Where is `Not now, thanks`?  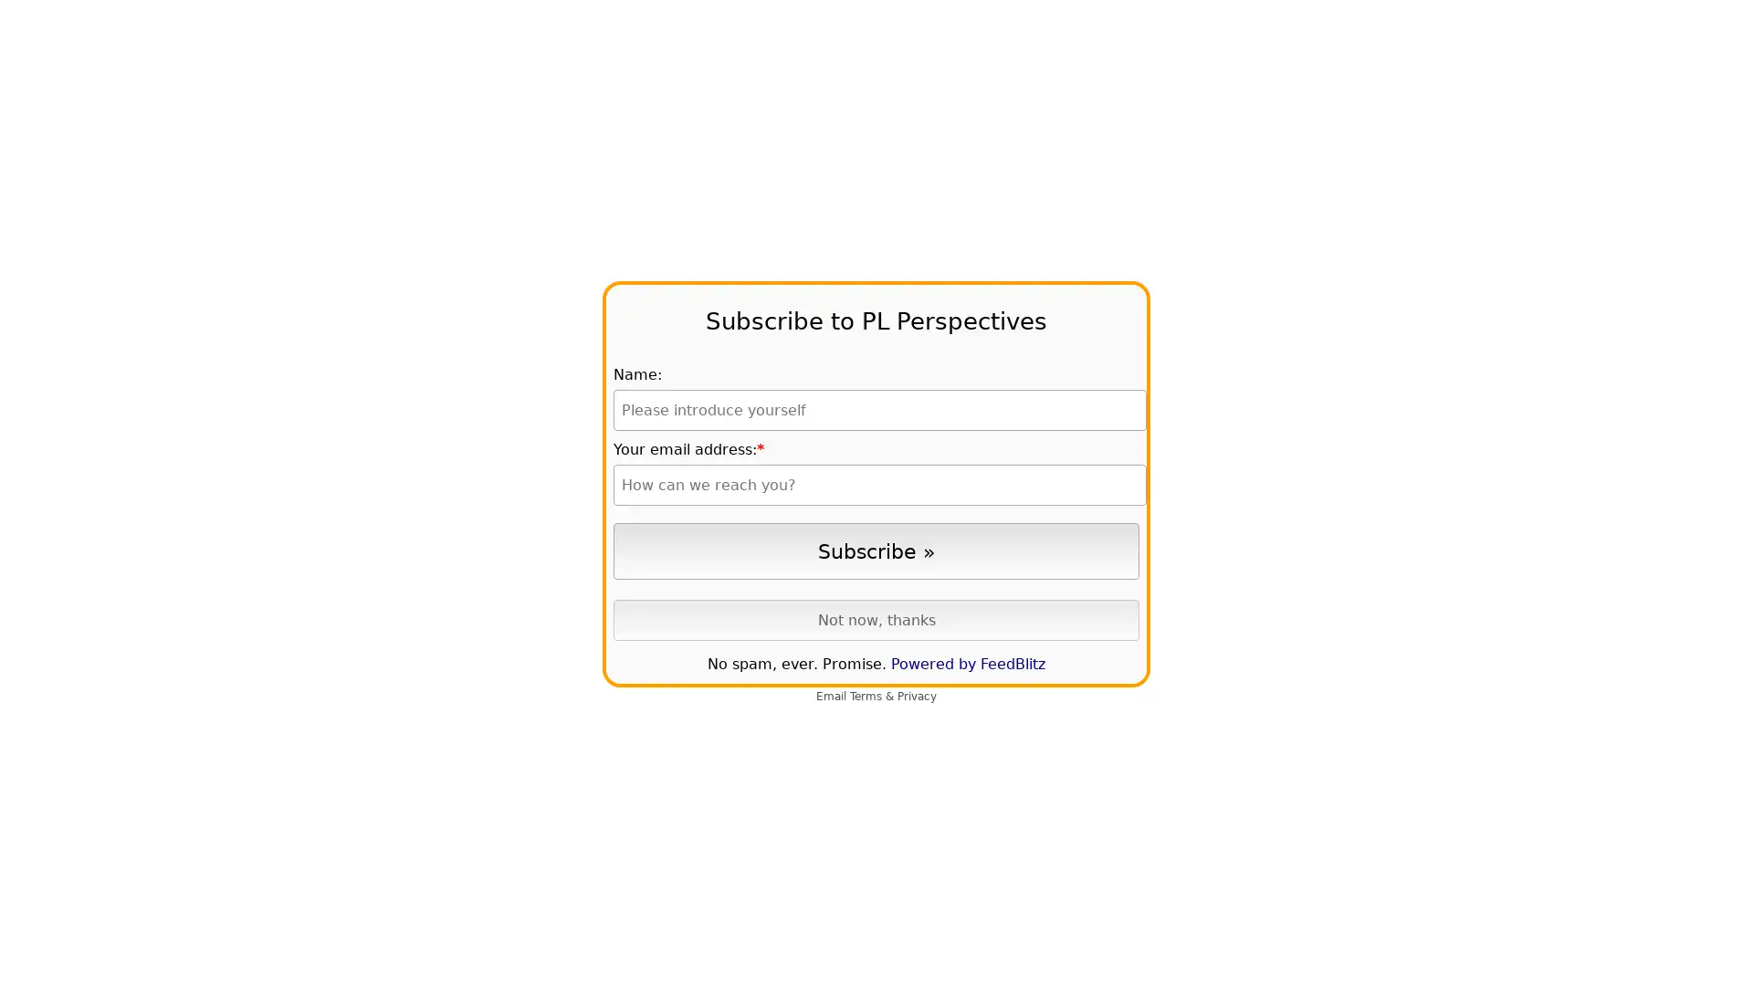
Not now, thanks is located at coordinates (876, 619).